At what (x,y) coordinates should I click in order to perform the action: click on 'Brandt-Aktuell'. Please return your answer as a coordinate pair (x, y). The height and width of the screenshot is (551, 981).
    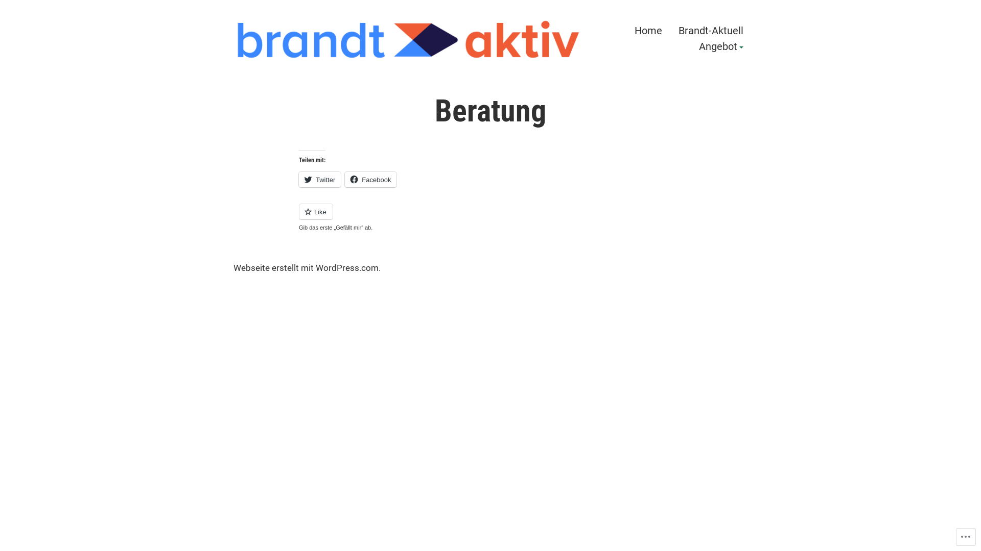
    Looking at the image, I should click on (710, 30).